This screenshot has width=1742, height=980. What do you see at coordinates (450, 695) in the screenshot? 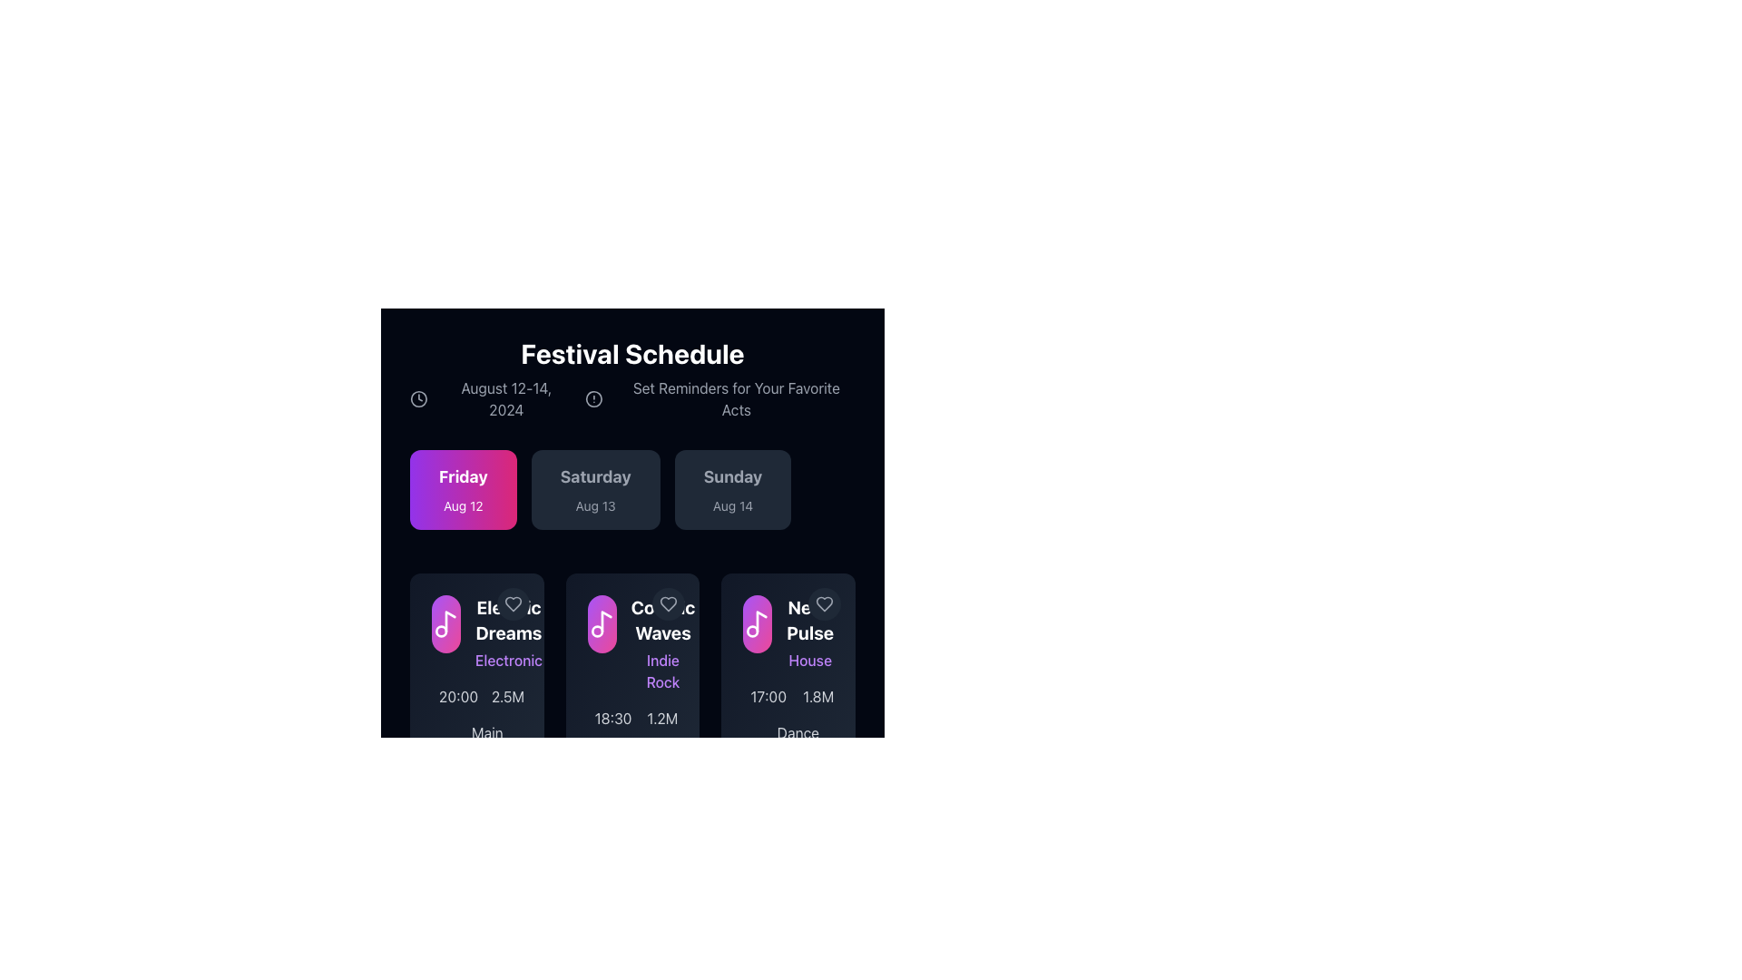
I see `time information displayed as '20:00' in light gray color, located next to the clock icon in the leftmost card of the grid layout` at bounding box center [450, 695].